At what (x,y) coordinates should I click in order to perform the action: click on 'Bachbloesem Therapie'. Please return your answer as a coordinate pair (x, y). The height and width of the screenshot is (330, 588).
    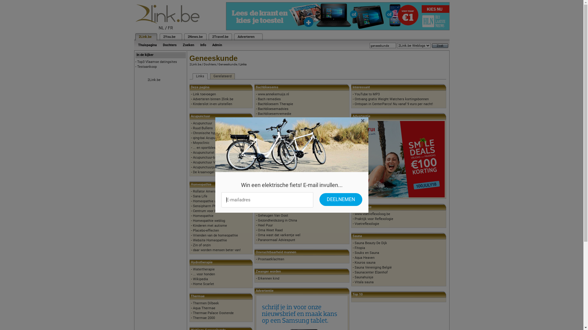
    Looking at the image, I should click on (275, 104).